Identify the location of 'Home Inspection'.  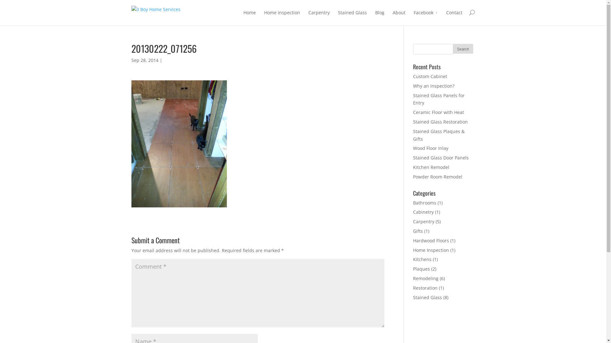
(282, 17).